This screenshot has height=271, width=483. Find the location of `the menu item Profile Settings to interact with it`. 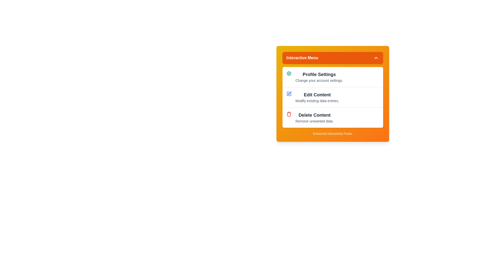

the menu item Profile Settings to interact with it is located at coordinates (333, 77).